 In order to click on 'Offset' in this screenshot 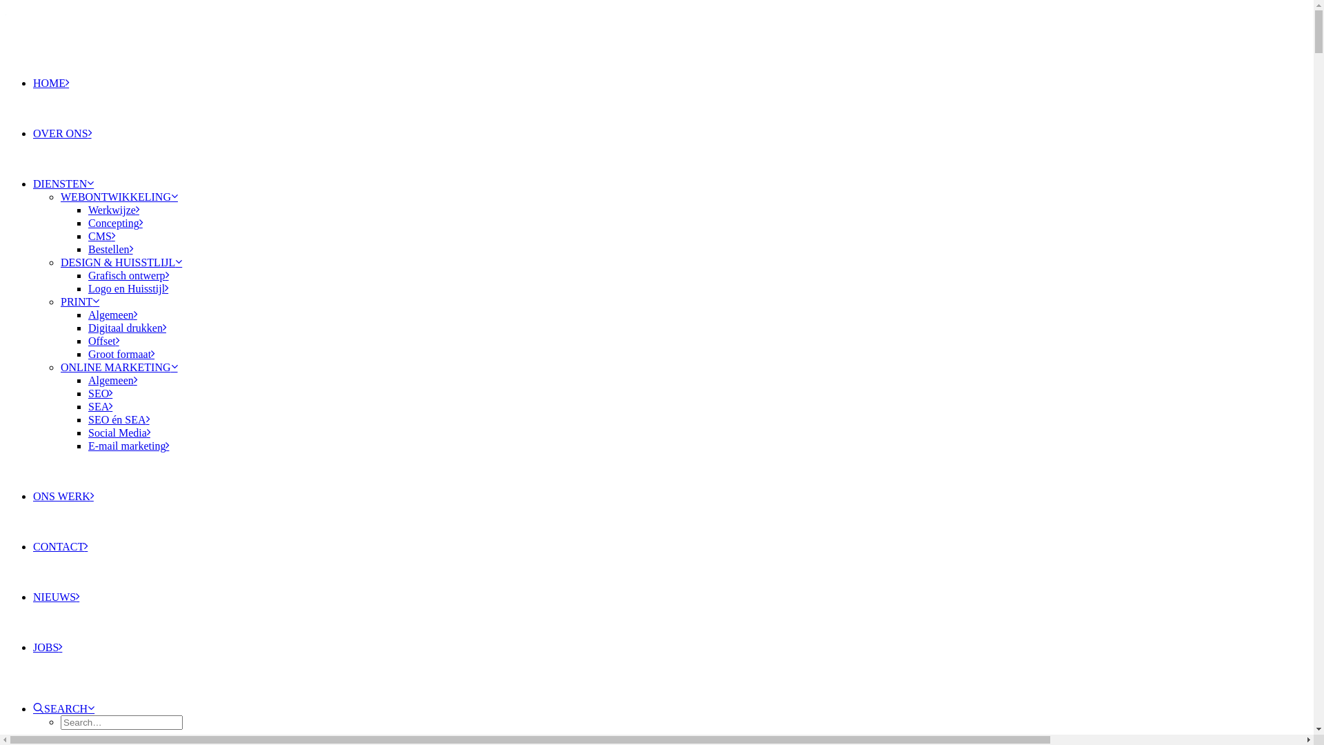, I will do `click(103, 341)`.